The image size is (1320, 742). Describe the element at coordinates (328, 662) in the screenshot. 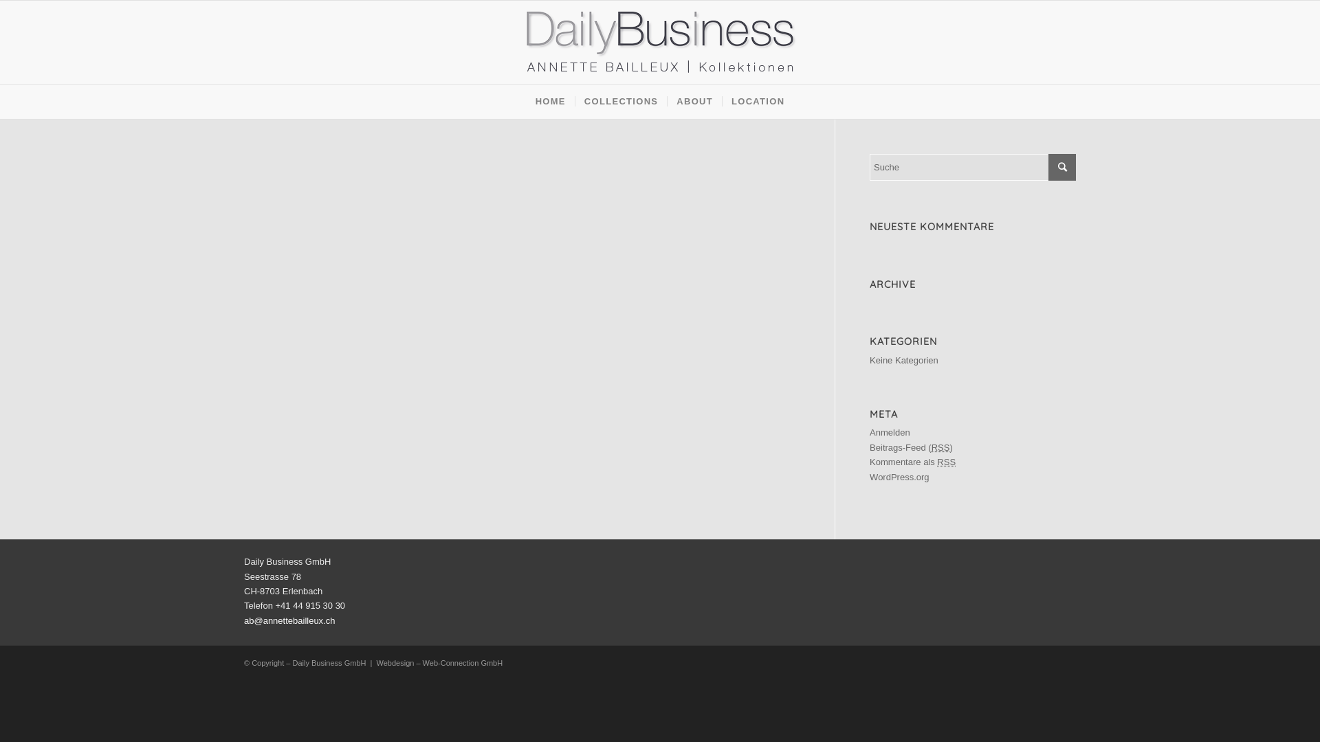

I see `'Daily Business GmbH'` at that location.